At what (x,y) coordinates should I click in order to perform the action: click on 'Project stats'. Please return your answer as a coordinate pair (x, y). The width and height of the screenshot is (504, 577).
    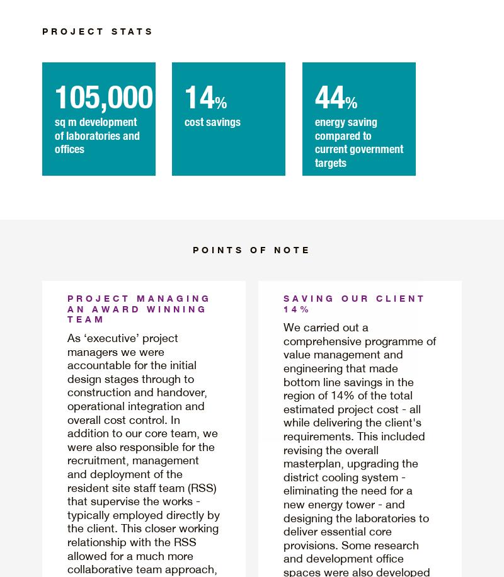
    Looking at the image, I should click on (98, 31).